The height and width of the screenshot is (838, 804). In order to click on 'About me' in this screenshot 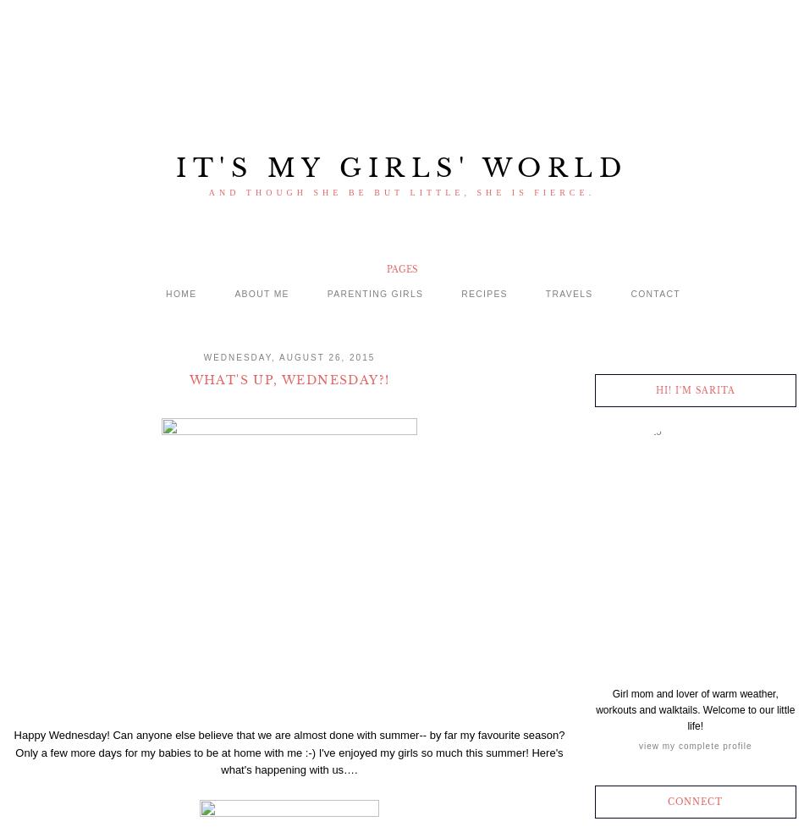, I will do `click(234, 293)`.